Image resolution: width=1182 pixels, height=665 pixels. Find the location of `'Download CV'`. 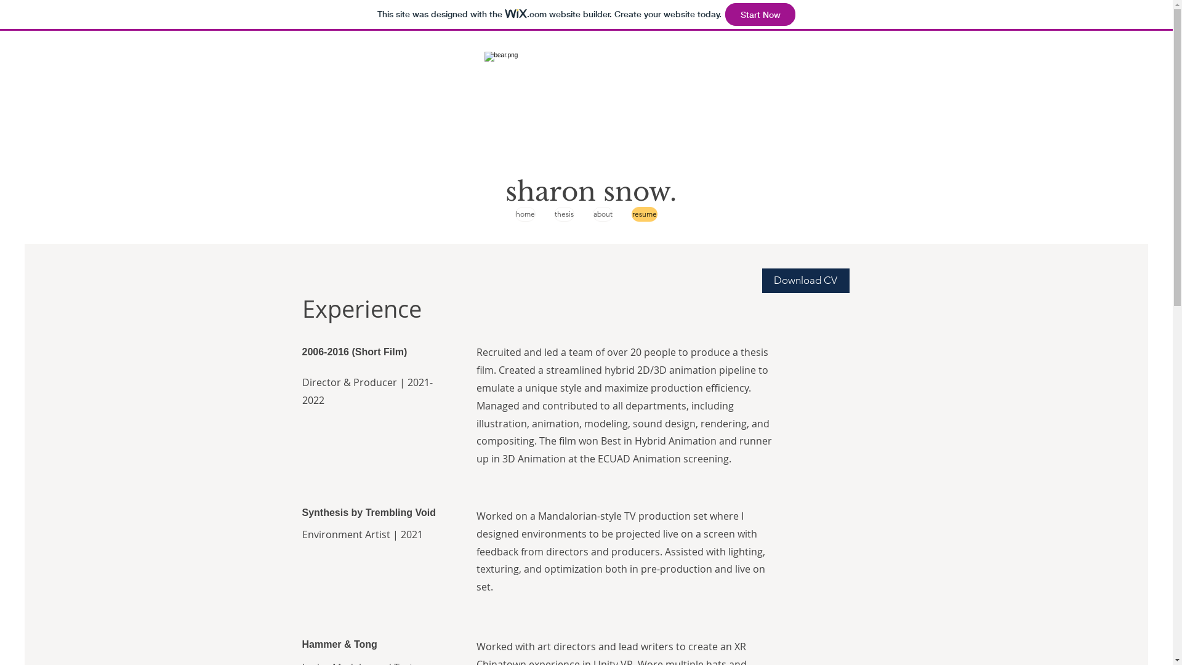

'Download CV' is located at coordinates (806, 280).